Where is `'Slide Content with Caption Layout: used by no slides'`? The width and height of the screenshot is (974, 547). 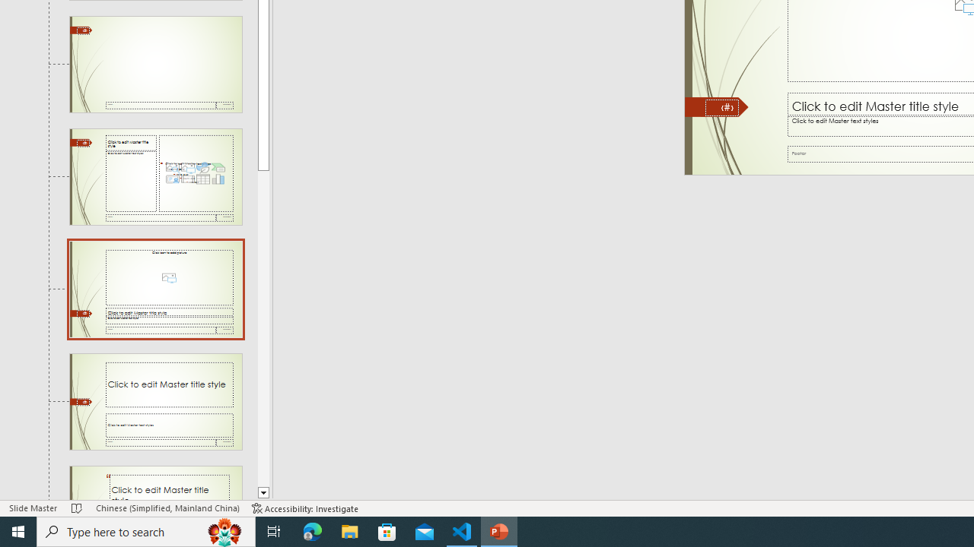
'Slide Content with Caption Layout: used by no slides' is located at coordinates (155, 175).